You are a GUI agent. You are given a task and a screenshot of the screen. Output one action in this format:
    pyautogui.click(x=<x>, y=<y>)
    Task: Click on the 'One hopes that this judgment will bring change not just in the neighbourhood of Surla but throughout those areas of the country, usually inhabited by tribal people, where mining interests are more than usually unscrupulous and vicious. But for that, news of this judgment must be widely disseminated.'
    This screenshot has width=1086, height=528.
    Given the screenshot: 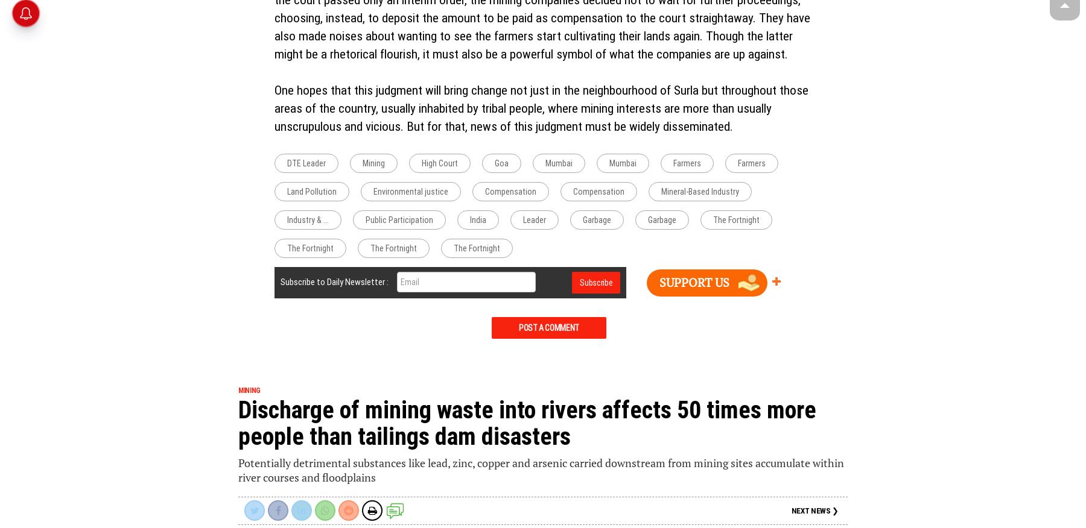 What is the action you would take?
    pyautogui.click(x=541, y=108)
    